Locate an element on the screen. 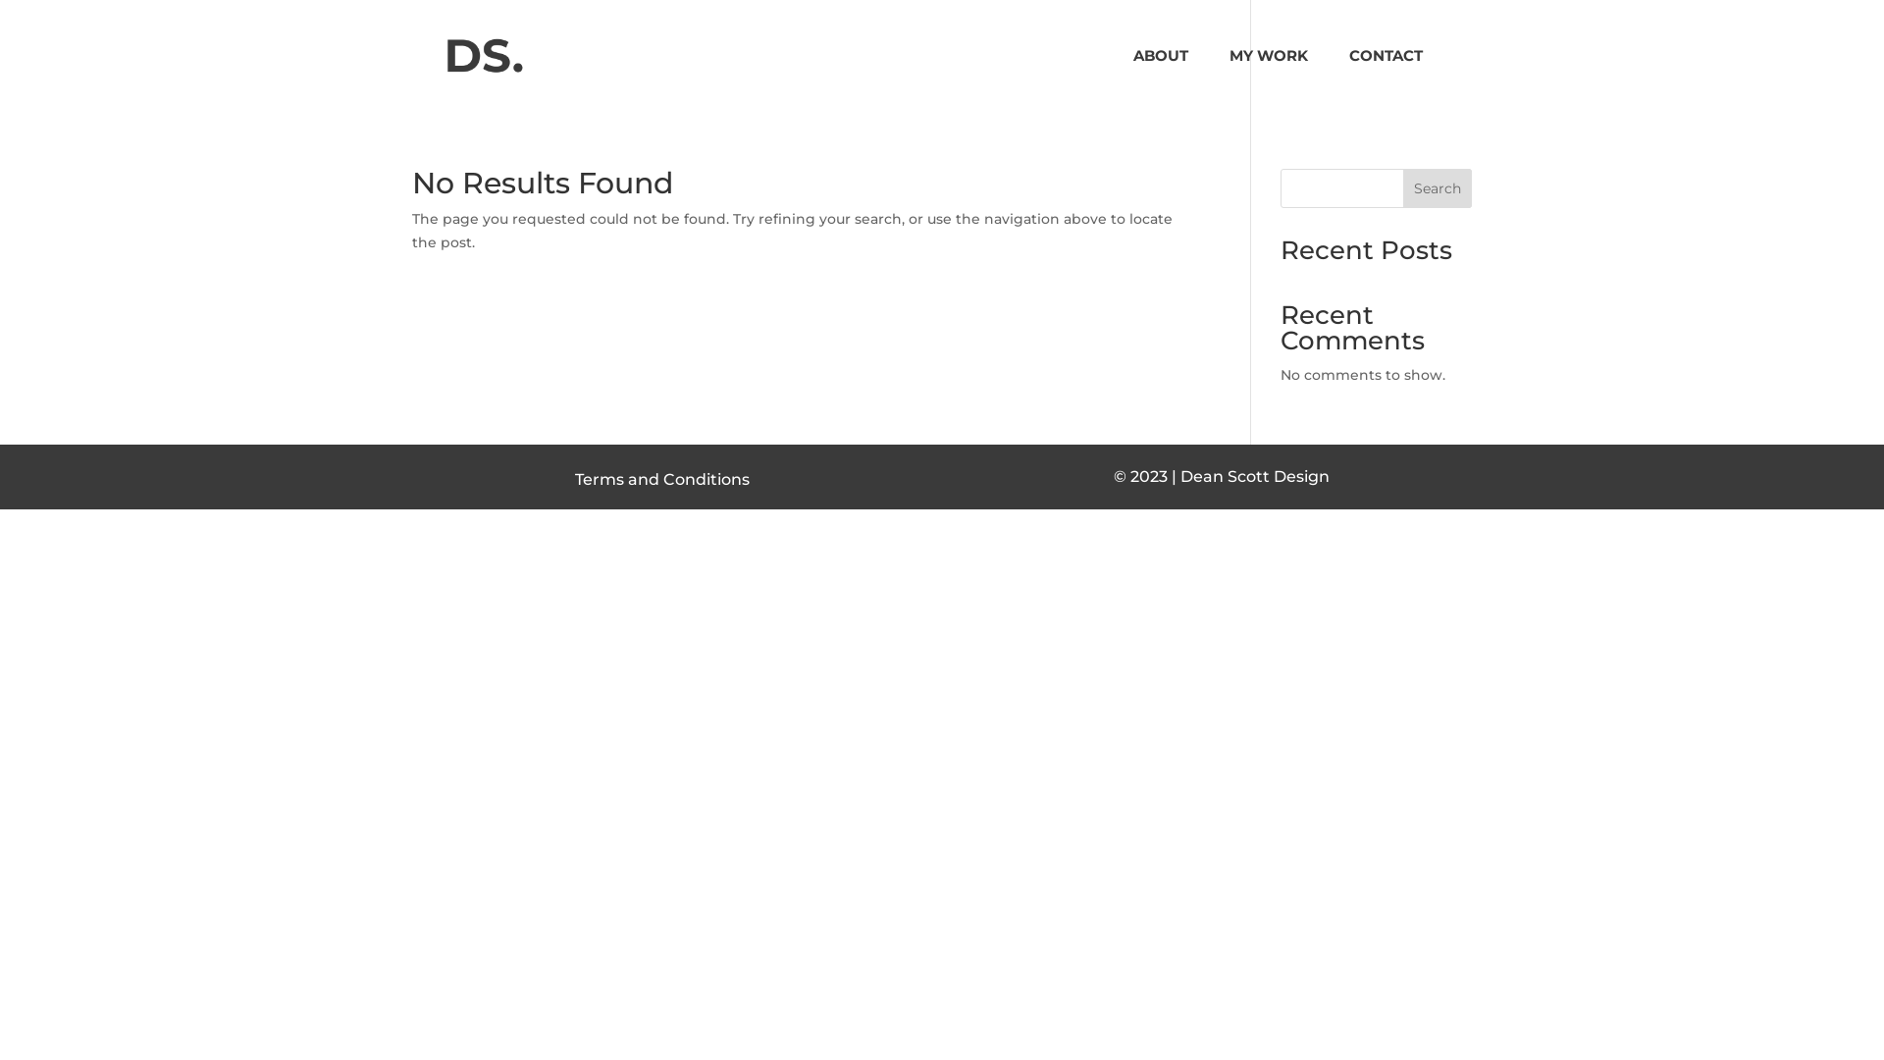 Image resolution: width=1884 pixels, height=1060 pixels. 'Search' is located at coordinates (1437, 188).